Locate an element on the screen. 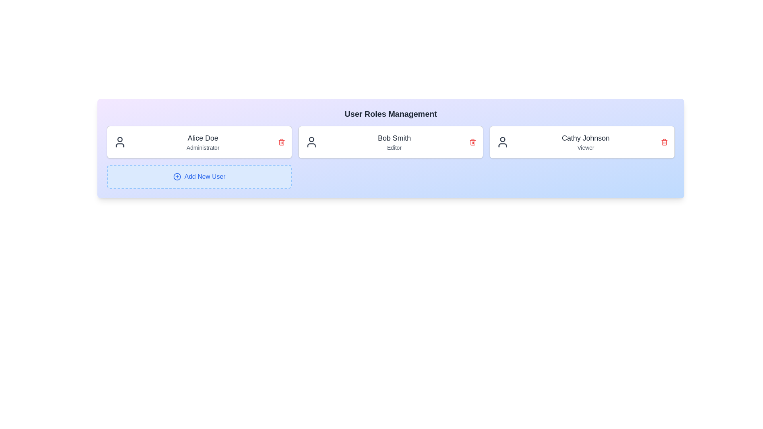 This screenshot has width=763, height=429. trash icon next to Bob Smith's name to remove them is located at coordinates (473, 142).